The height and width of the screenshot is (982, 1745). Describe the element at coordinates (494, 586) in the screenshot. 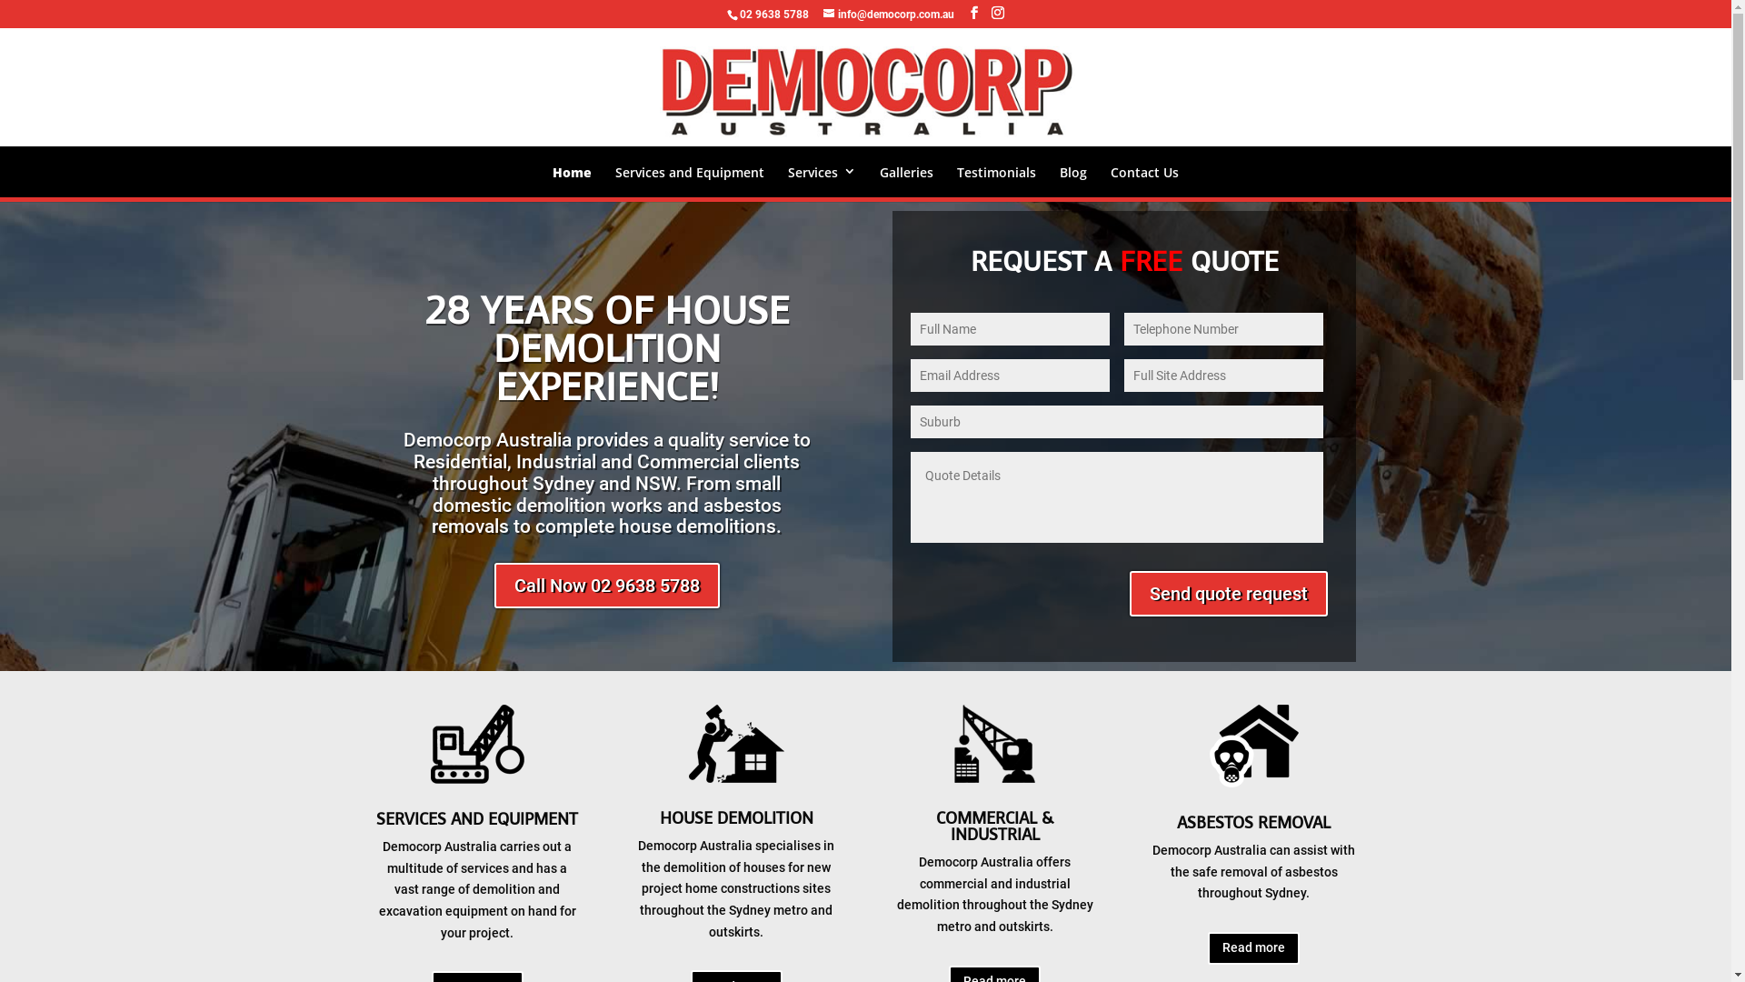

I see `'Call Now 02 9638 5788'` at that location.